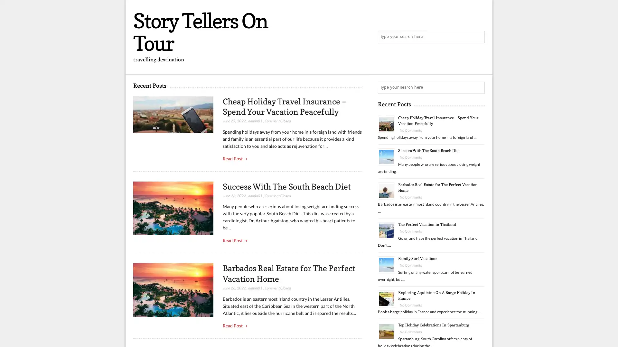 The width and height of the screenshot is (618, 347). What do you see at coordinates (478, 37) in the screenshot?
I see `Search` at bounding box center [478, 37].